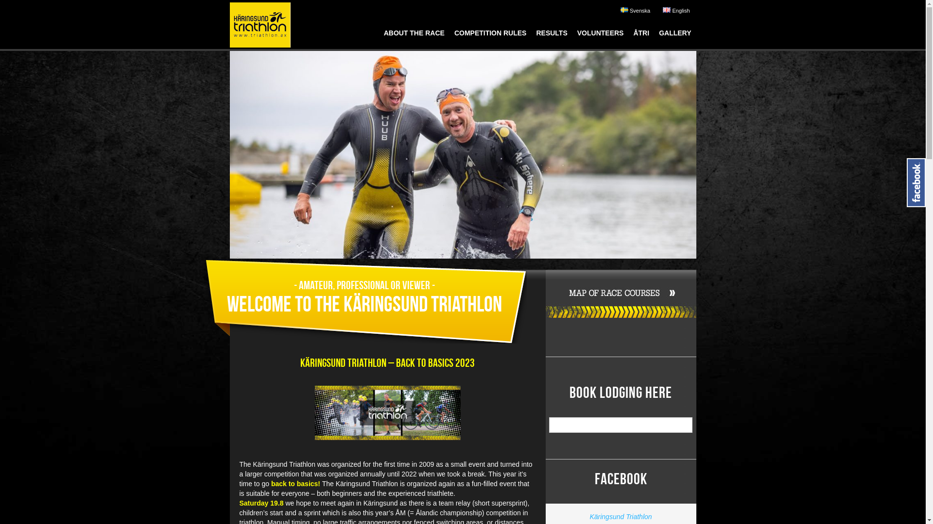 Image resolution: width=933 pixels, height=524 pixels. What do you see at coordinates (600, 35) in the screenshot?
I see `'VOLUNTEERS'` at bounding box center [600, 35].